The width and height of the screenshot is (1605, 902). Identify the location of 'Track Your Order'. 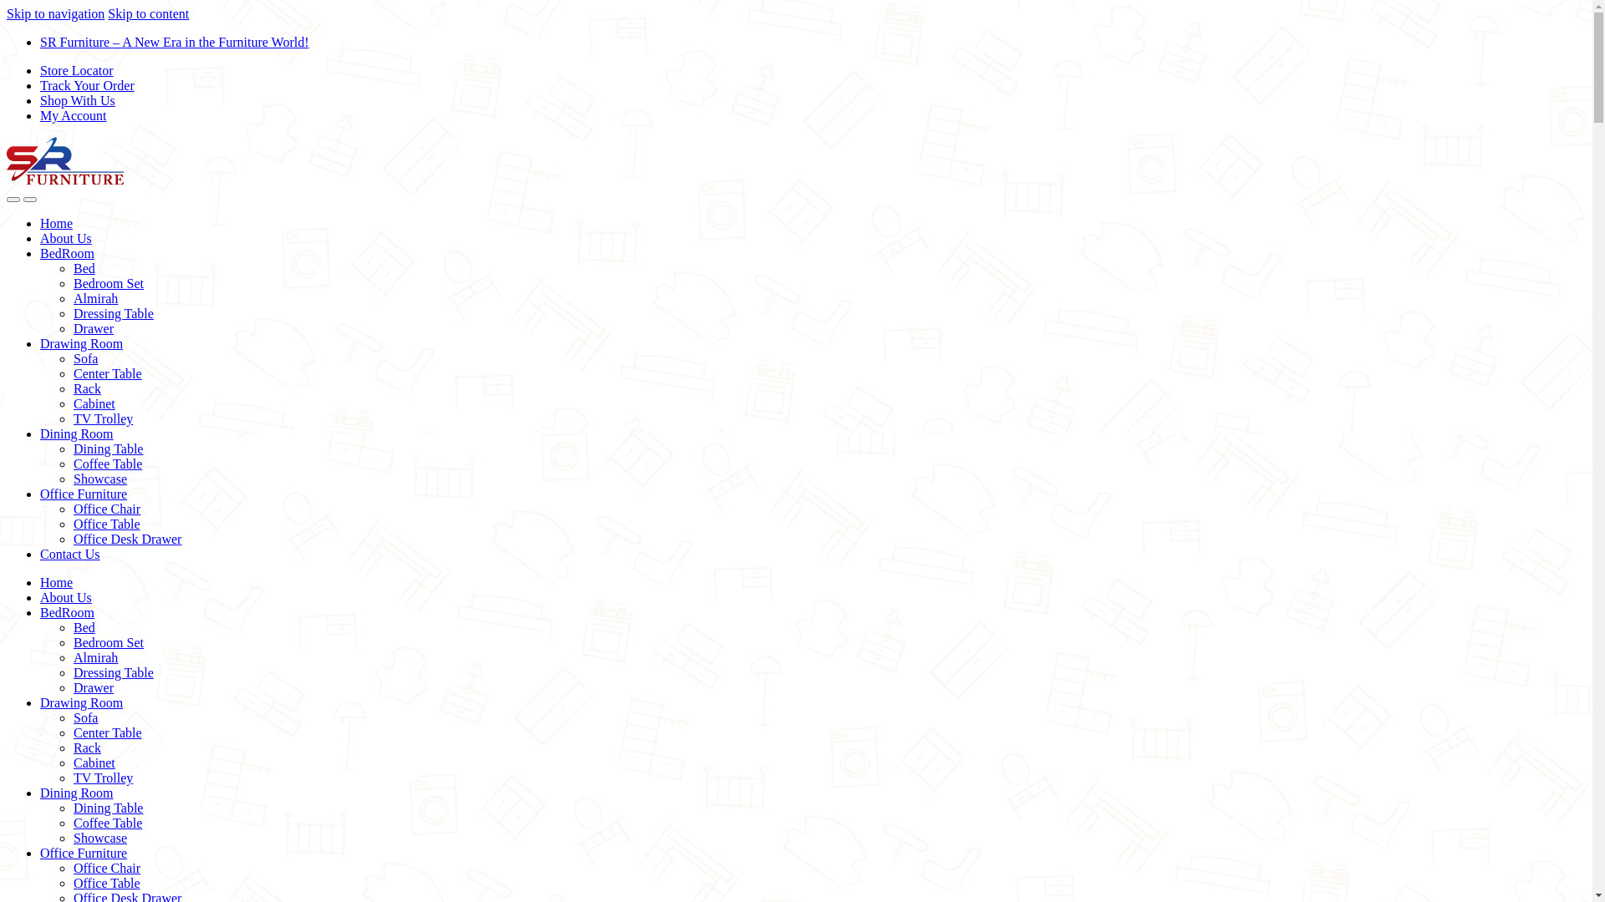
(86, 85).